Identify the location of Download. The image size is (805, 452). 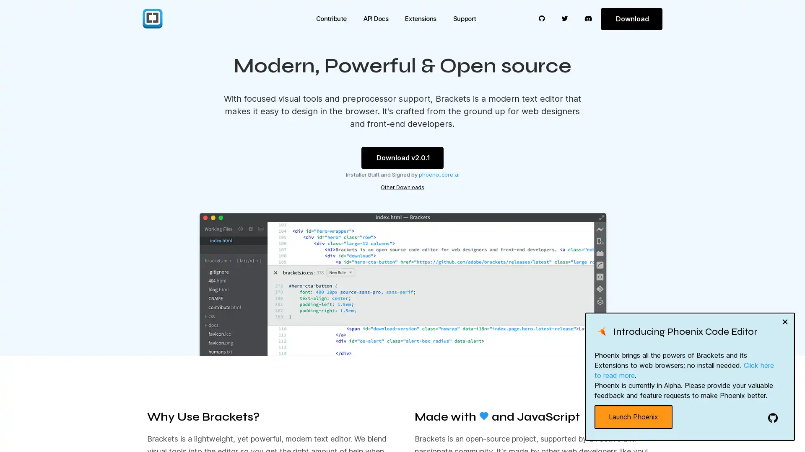
(631, 18).